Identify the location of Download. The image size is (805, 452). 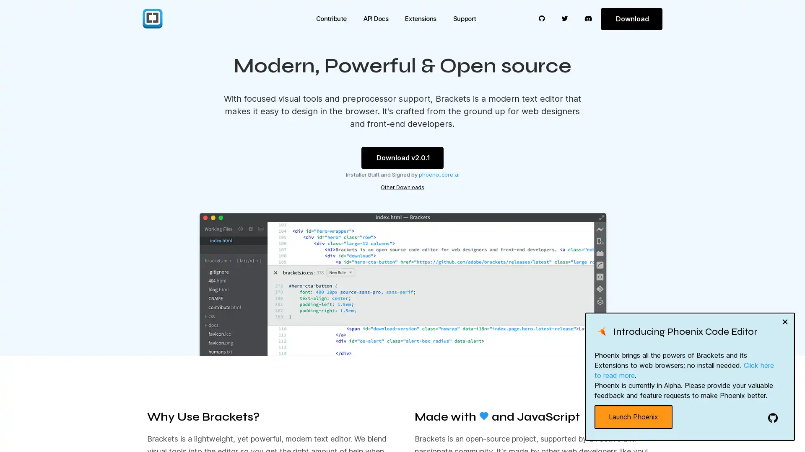
(631, 18).